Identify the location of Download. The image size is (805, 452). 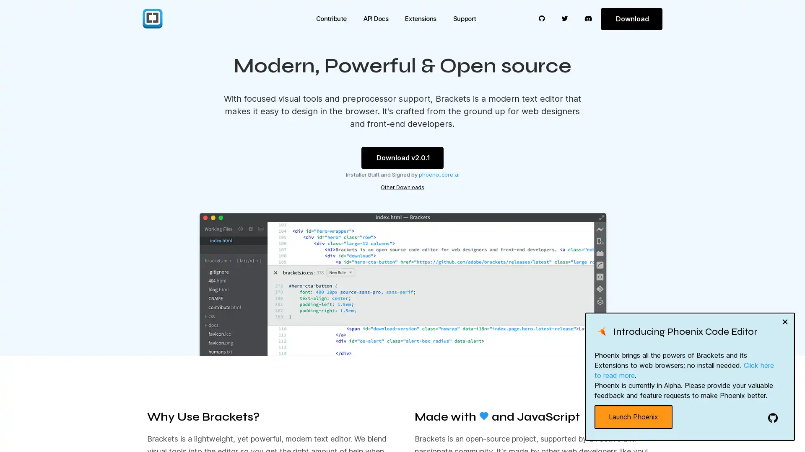
(631, 18).